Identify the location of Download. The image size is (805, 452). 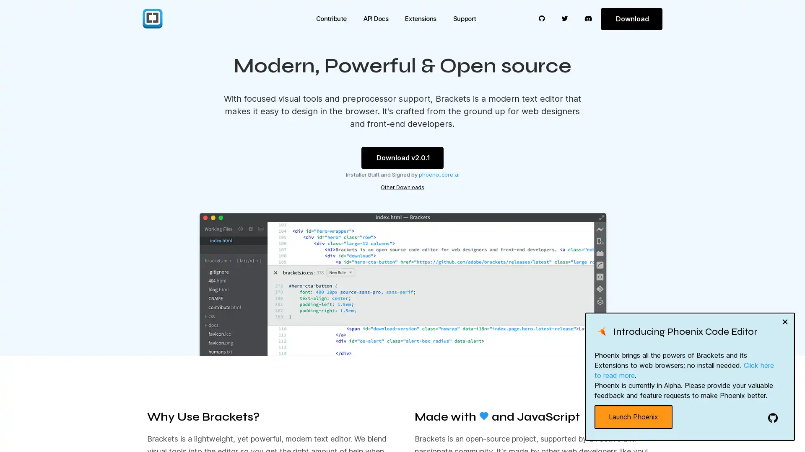
(631, 18).